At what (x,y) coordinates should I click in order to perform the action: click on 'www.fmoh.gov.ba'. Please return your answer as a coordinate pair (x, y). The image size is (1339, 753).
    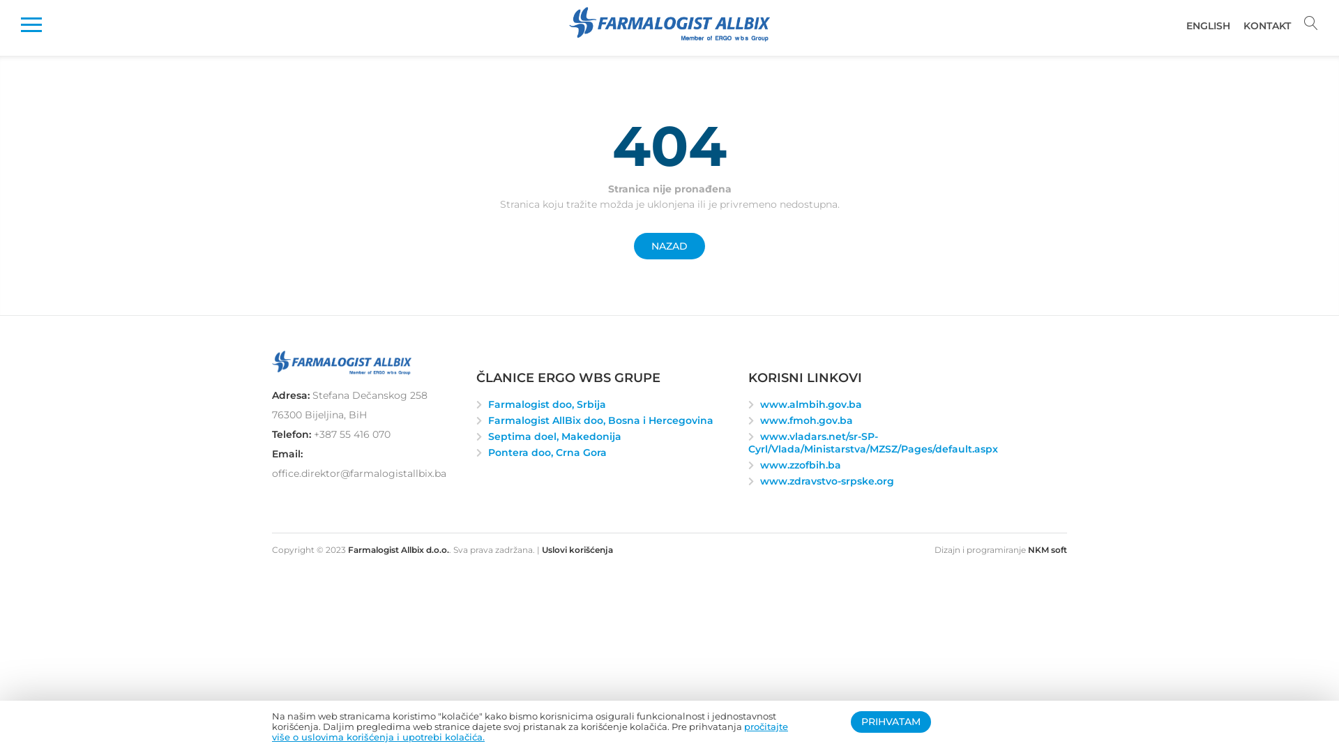
    Looking at the image, I should click on (759, 419).